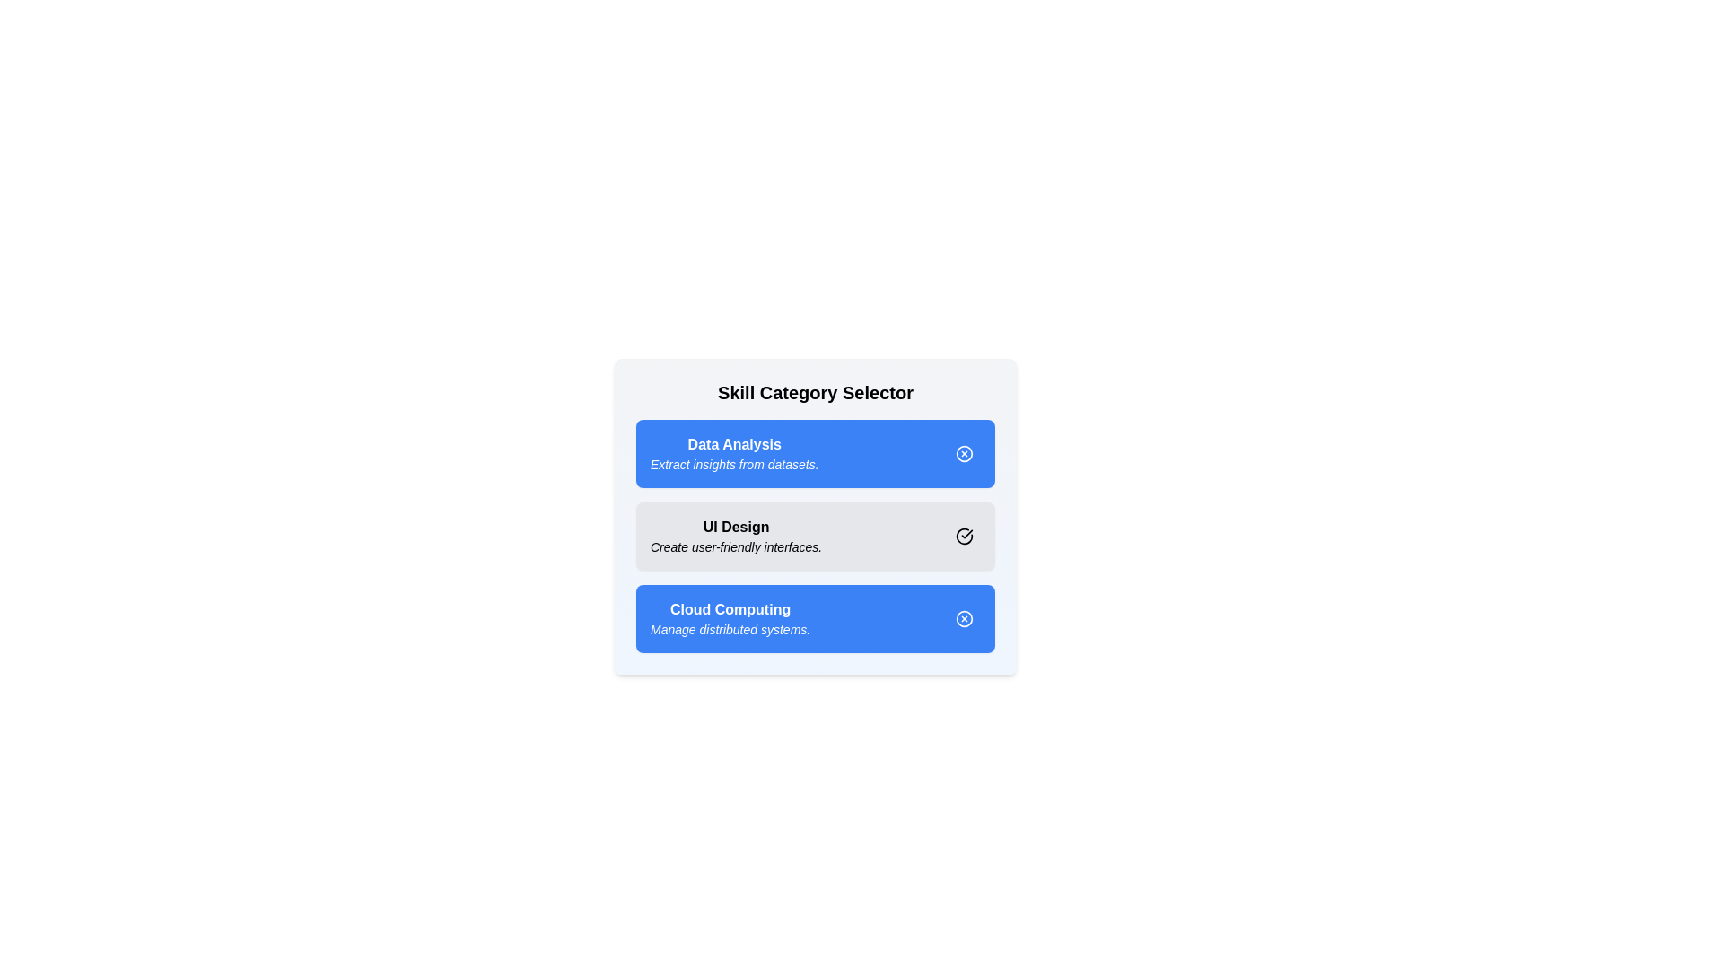  I want to click on the chip labeled 'Data Analysis', so click(964, 452).